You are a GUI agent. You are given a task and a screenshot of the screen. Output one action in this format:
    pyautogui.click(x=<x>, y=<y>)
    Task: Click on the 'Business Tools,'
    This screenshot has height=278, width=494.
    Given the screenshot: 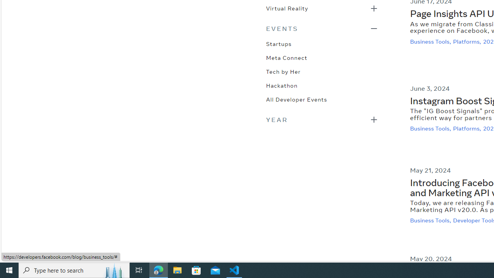 What is the action you would take?
    pyautogui.click(x=431, y=220)
    